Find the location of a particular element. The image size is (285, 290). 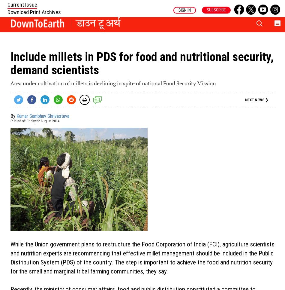

'While the Union government plans to restructure the Food Corporation of India (FCI), agriculture scientists and nutrition experts are recommending that effective millet management should be included in the Public Distribution System (PDS) of the country. The step is important to achieve the food and nutrition security for the small and marginal tribal farming communities, they say.' is located at coordinates (142, 258).